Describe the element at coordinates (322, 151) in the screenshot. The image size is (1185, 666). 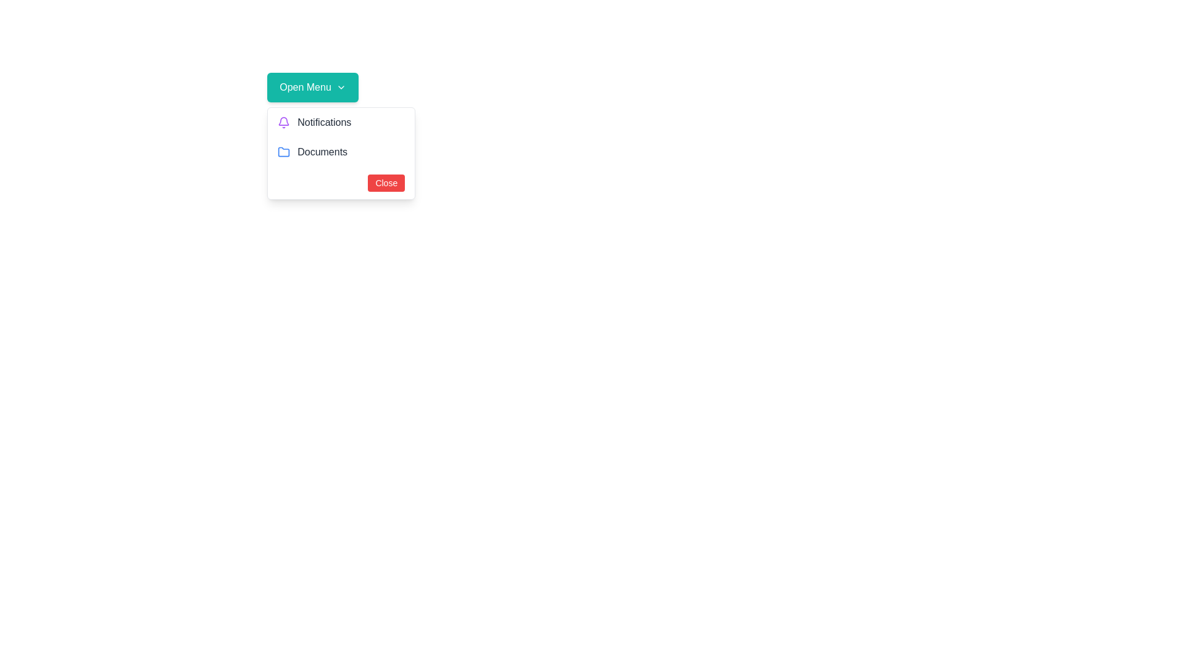
I see `the 'Documents' text label located below the 'Notifications' item in the dropdown menu` at that location.